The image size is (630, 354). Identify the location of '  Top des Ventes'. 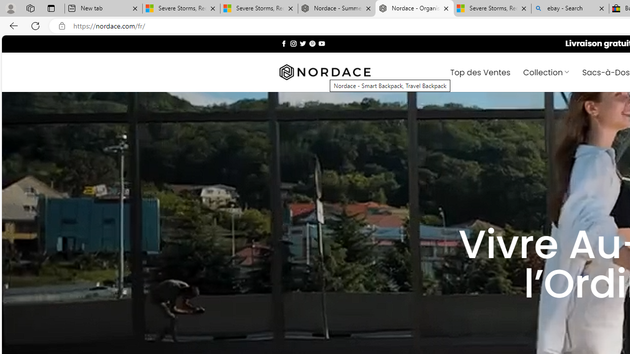
(480, 71).